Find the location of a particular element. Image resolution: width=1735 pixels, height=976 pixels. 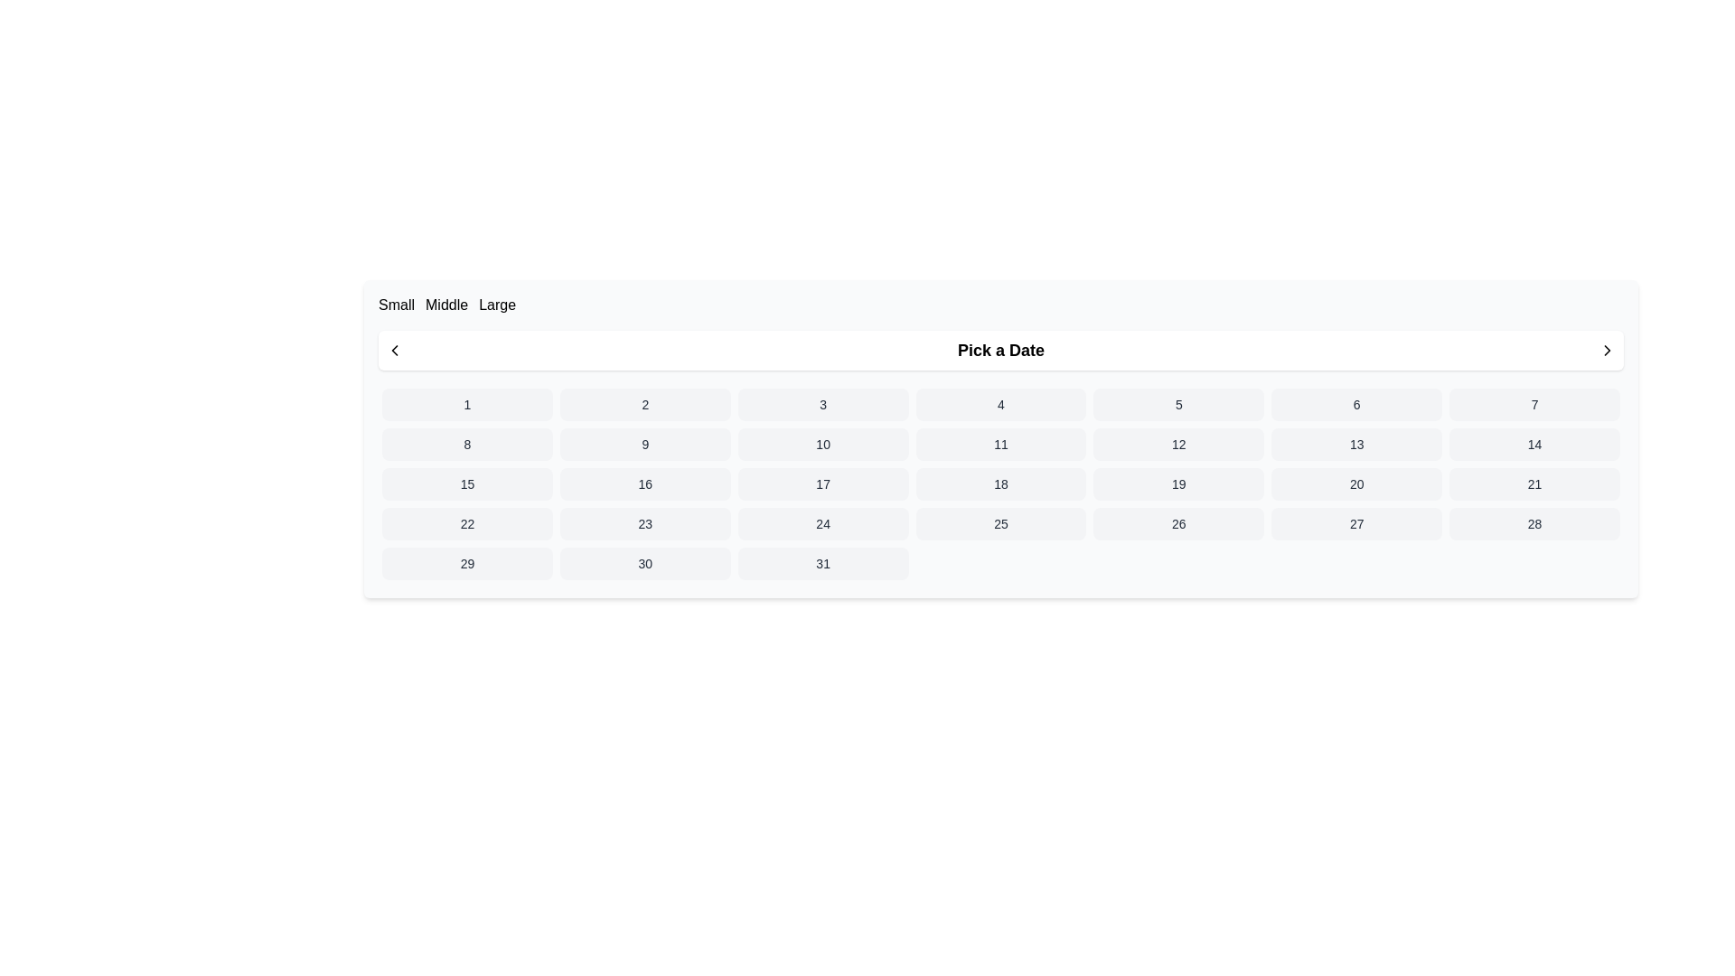

the 'Middle' button which is the second button among three horizontally arranged buttons labeled 'Small', 'Middle', and 'Large' is located at coordinates (446, 305).